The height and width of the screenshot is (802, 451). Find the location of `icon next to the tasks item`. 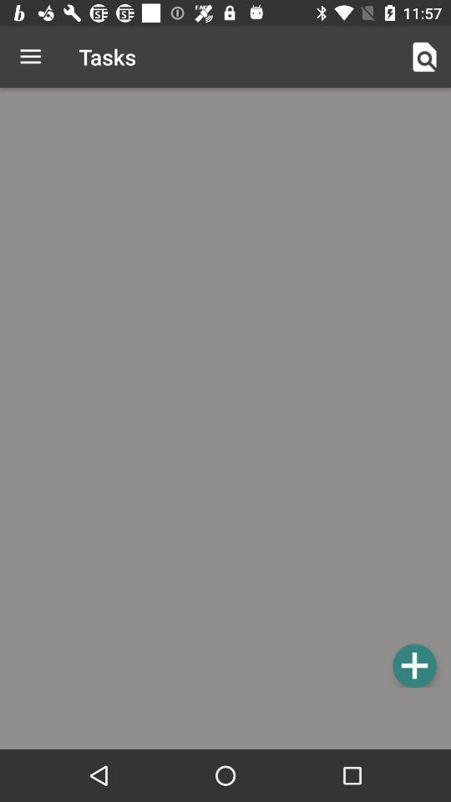

icon next to the tasks item is located at coordinates (424, 57).